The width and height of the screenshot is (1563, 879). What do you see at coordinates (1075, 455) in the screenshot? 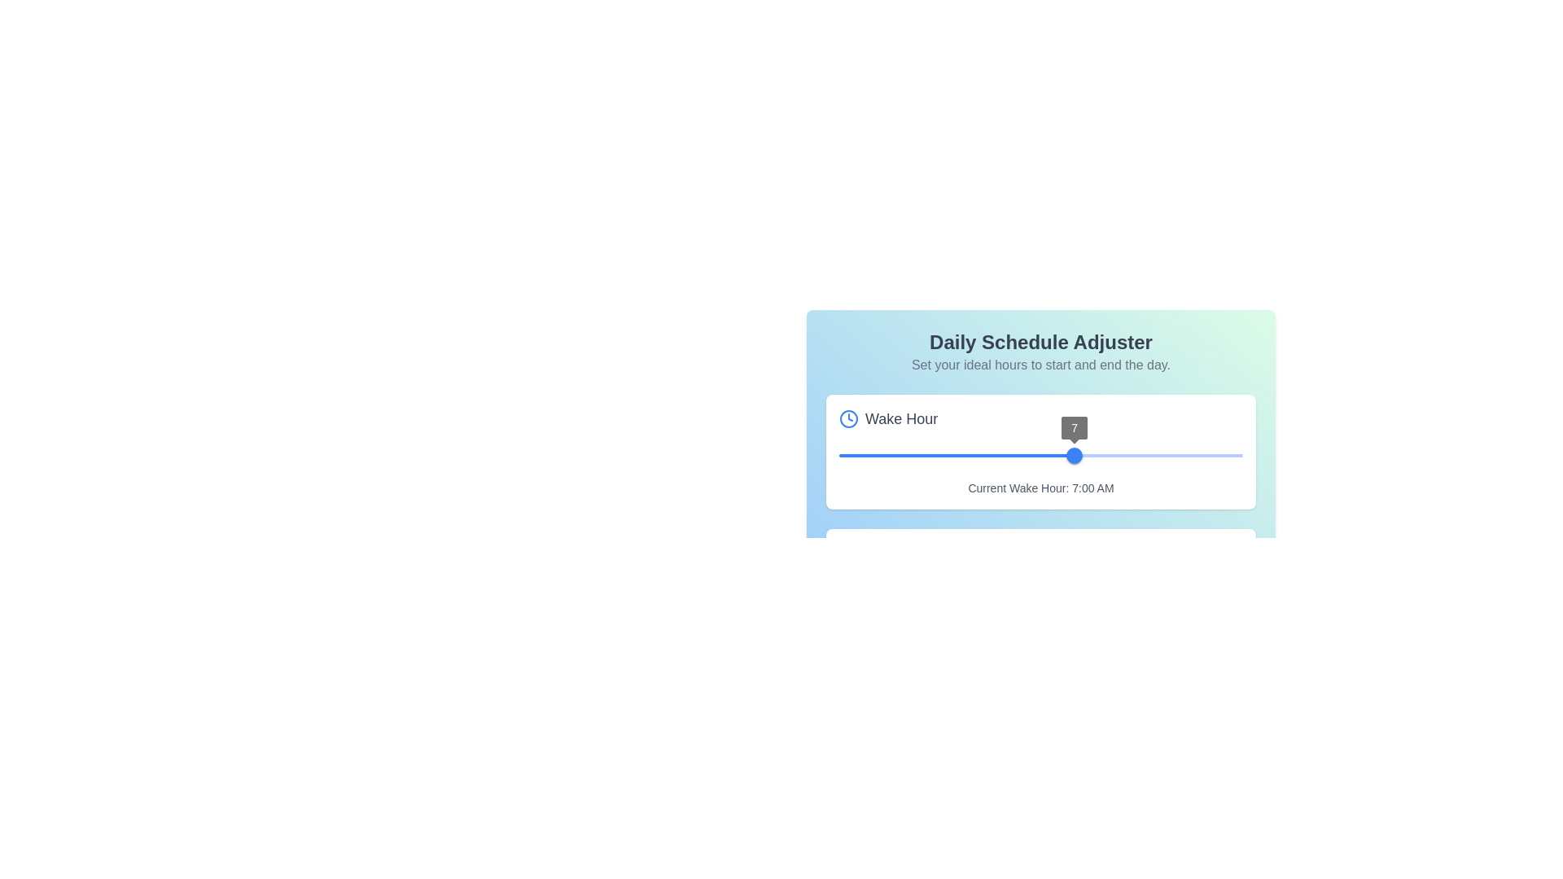
I see `the blue circular slider knob displaying the value '7'` at bounding box center [1075, 455].